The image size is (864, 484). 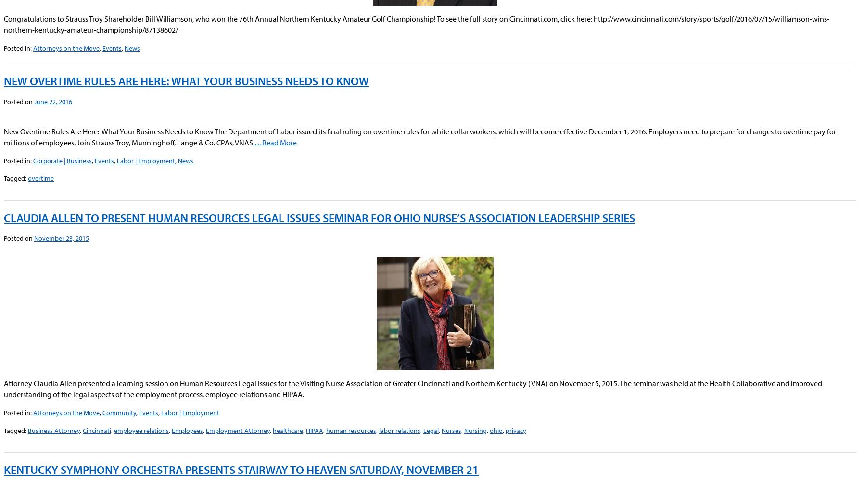 What do you see at coordinates (3, 24) in the screenshot?
I see `'Congratulations to Strauss Troy Shareholder Bill Williamson, who won the 76th Annual Northern Kentucky Amateur Golf Championship! To see the full story on Cincinnati.com, click here: http://www.cincinnati.com/story/sports/golf/2016/07/15/williamson-wins-northern-kentucky-amateur-championship/87138602/'` at bounding box center [3, 24].